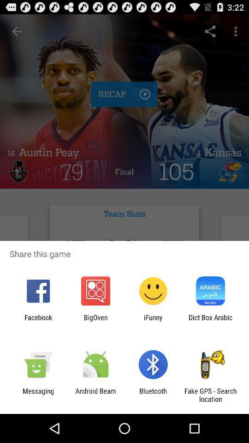 The image size is (249, 443). I want to click on the app next to facebook icon, so click(95, 321).